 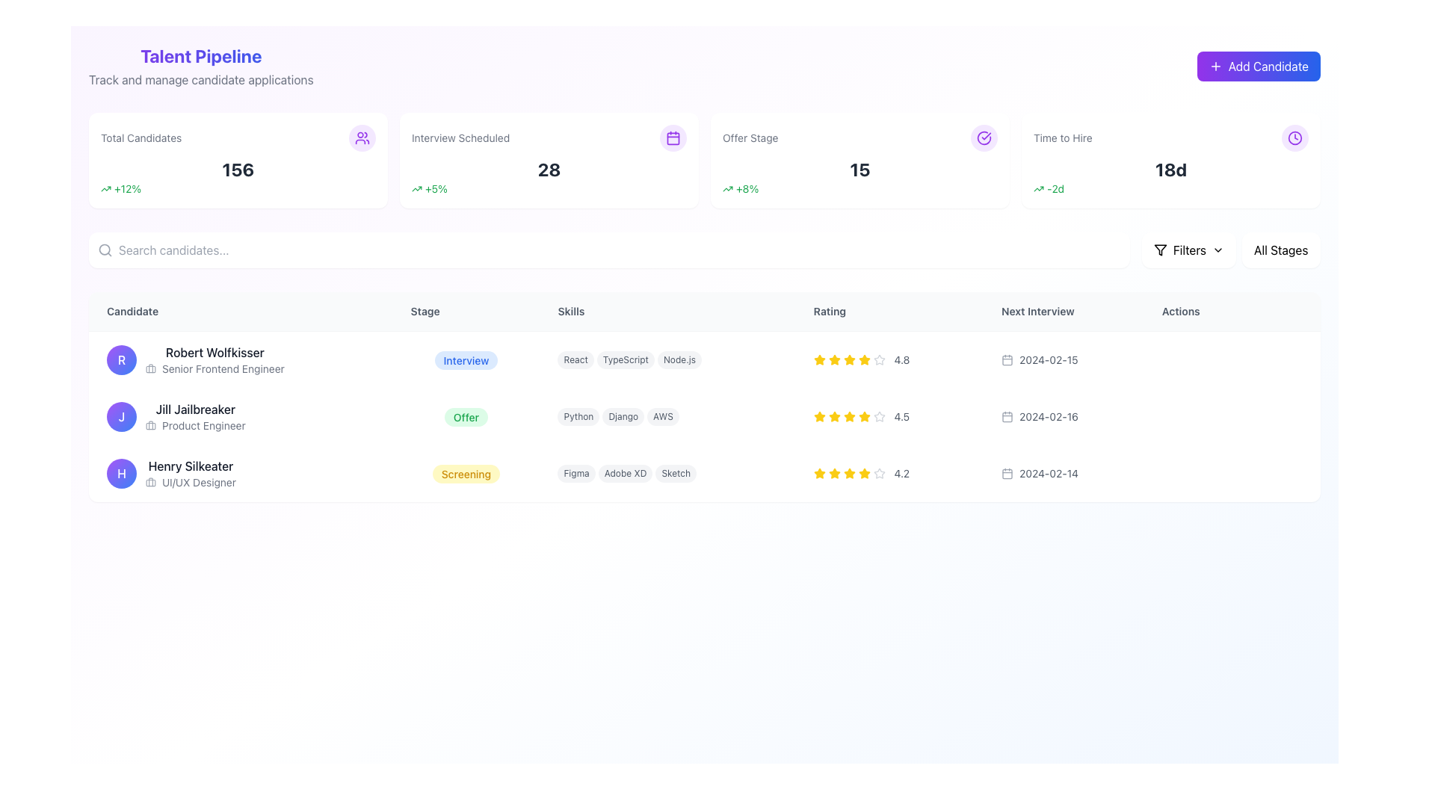 What do you see at coordinates (190, 466) in the screenshot?
I see `the Bold text label displaying the name of the user or candidate in the Candidate column of the structured table, located in the third row` at bounding box center [190, 466].